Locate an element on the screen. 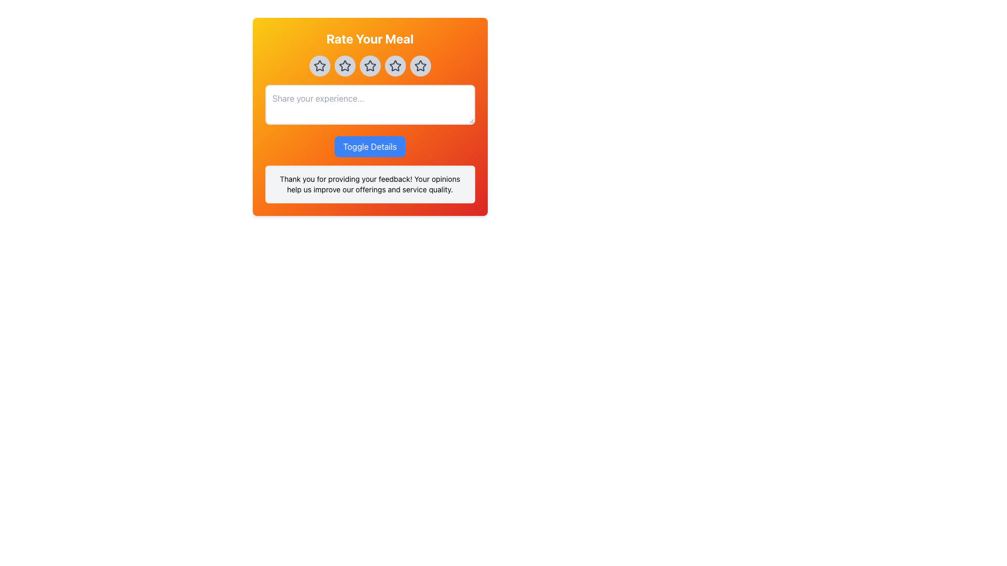  the visually distinct star rating icon with a hollow appearance and a red overlay, positioned centrally among five stars below the 'Rate Your Meal' heading is located at coordinates (394, 66).